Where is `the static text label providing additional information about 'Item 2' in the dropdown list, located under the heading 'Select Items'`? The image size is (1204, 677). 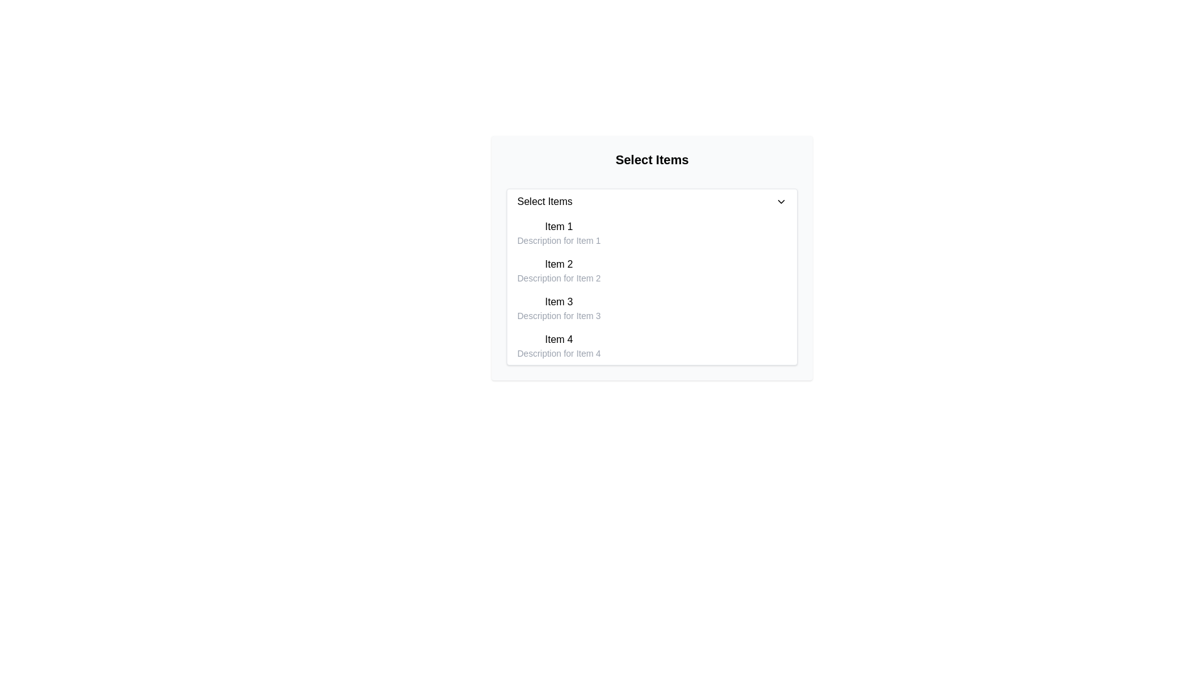 the static text label providing additional information about 'Item 2' in the dropdown list, located under the heading 'Select Items' is located at coordinates (558, 277).